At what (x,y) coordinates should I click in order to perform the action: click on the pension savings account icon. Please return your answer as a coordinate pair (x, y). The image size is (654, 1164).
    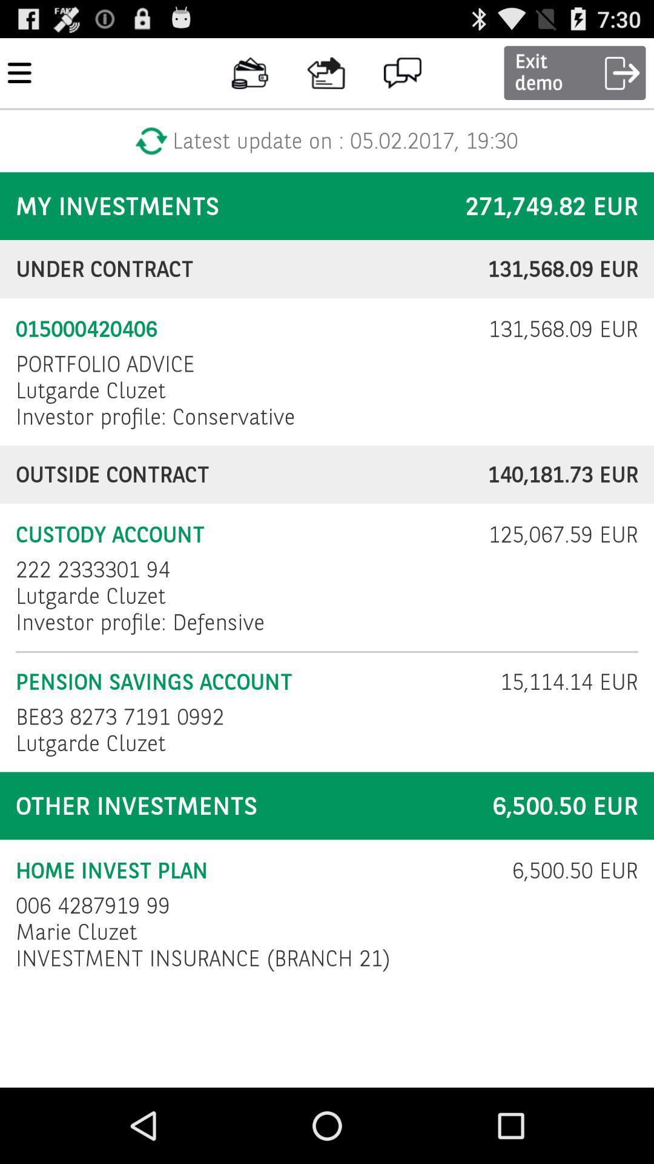
    Looking at the image, I should click on (249, 682).